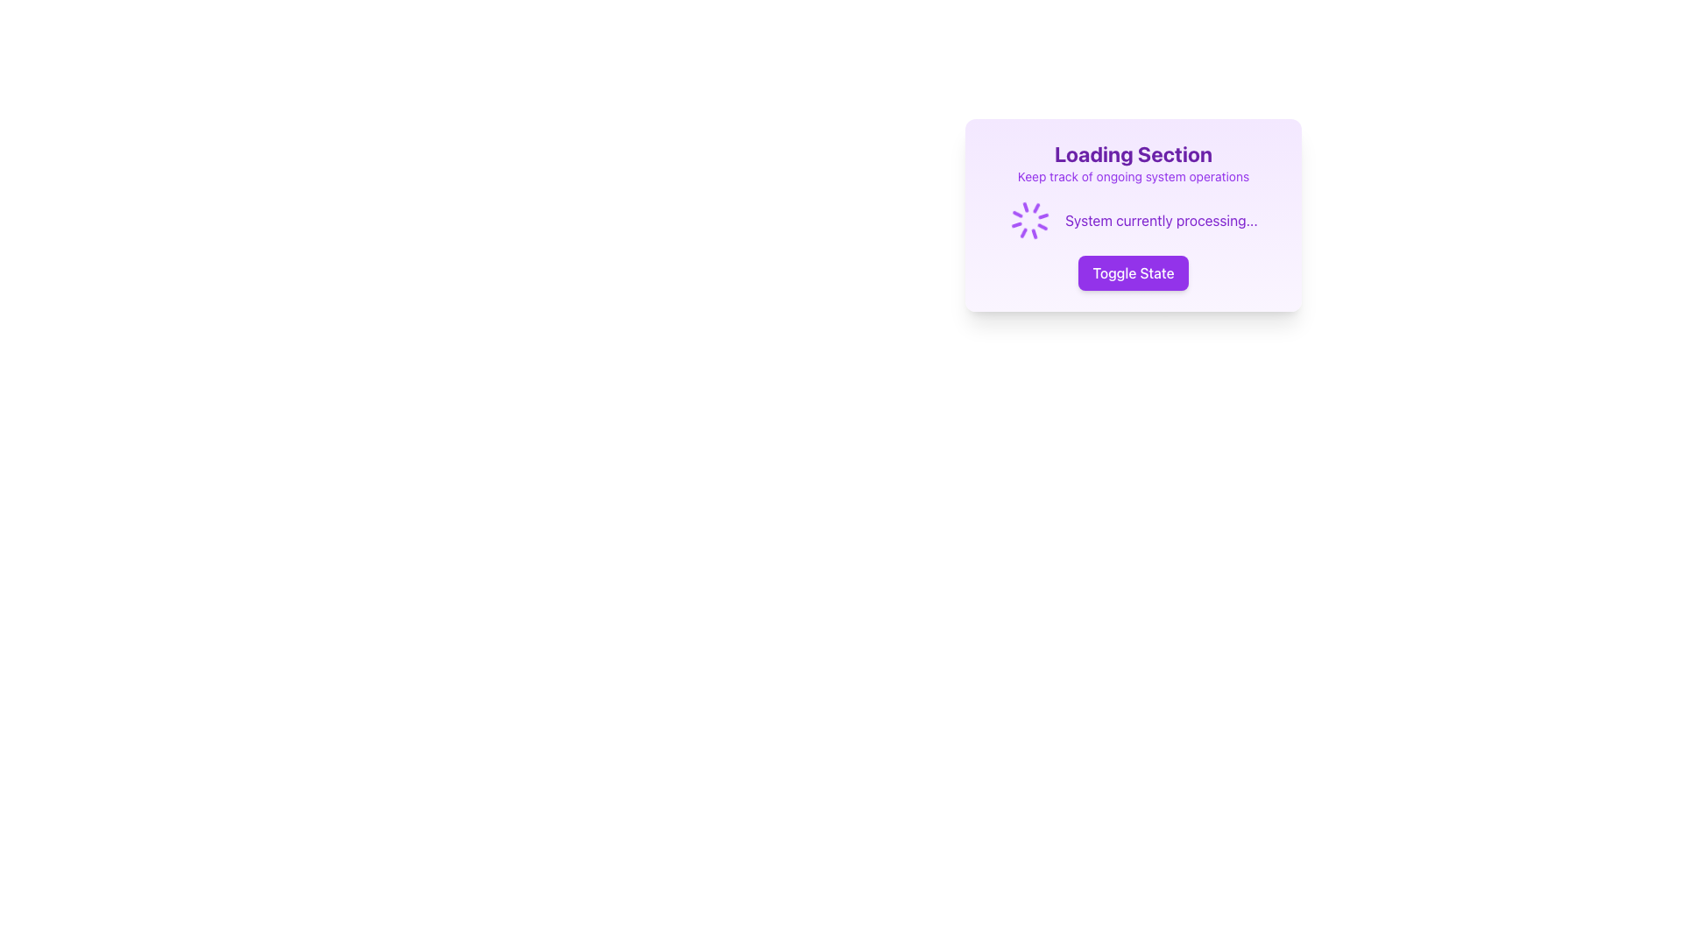  What do you see at coordinates (1030, 219) in the screenshot?
I see `the Spinner/Icon that indicates the system is currently processing, located to the left of the text 'System currently processing...' and above the 'Toggle State' button` at bounding box center [1030, 219].